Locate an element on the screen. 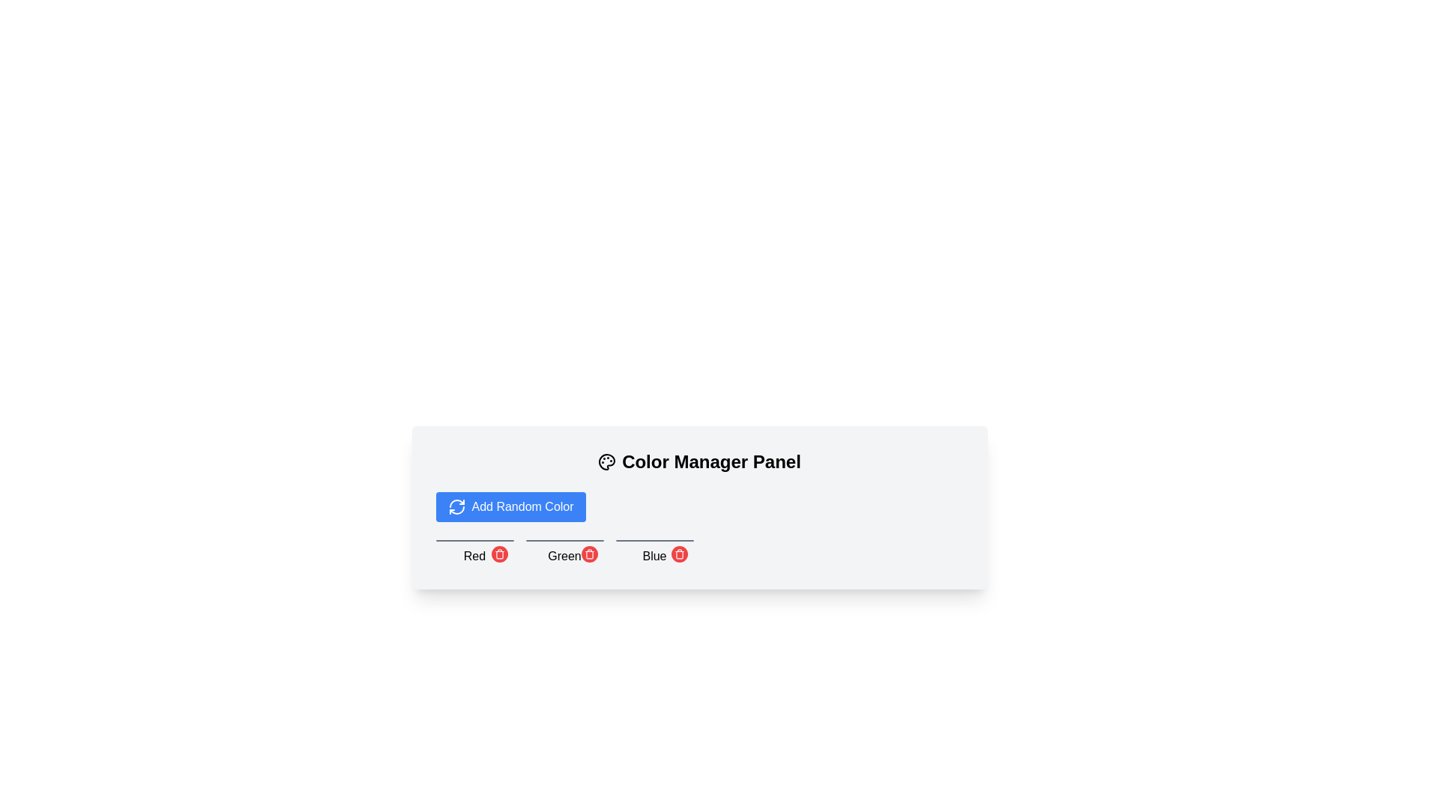 The image size is (1439, 809). heading text of the prominent title bar which features a bold, large font and a palette icon on its left is located at coordinates (699, 461).